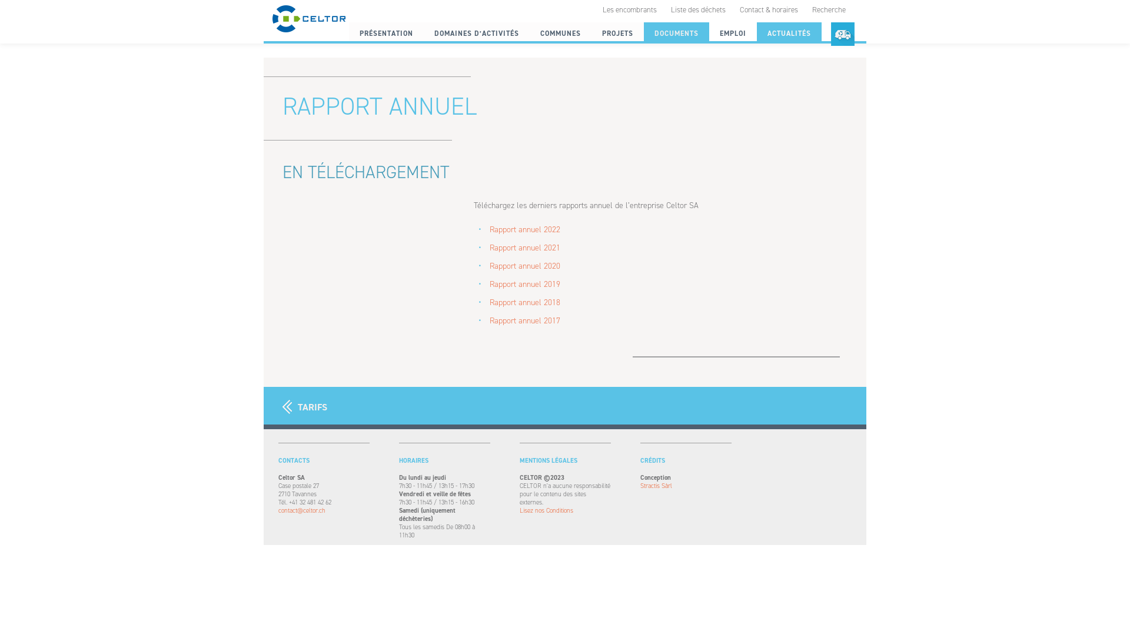 The height and width of the screenshot is (635, 1130). Describe the element at coordinates (676, 33) in the screenshot. I see `'DOCUMENTS'` at that location.